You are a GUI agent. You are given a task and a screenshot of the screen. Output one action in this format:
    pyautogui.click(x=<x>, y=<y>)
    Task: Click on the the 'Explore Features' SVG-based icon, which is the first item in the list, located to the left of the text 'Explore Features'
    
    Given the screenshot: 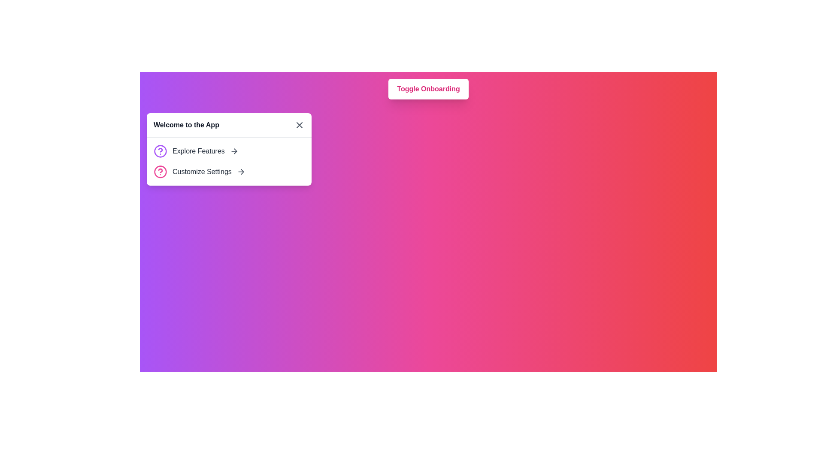 What is the action you would take?
    pyautogui.click(x=161, y=151)
    